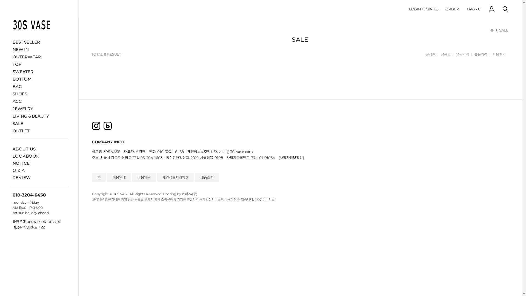  Describe the element at coordinates (422, 9) in the screenshot. I see `' / '` at that location.